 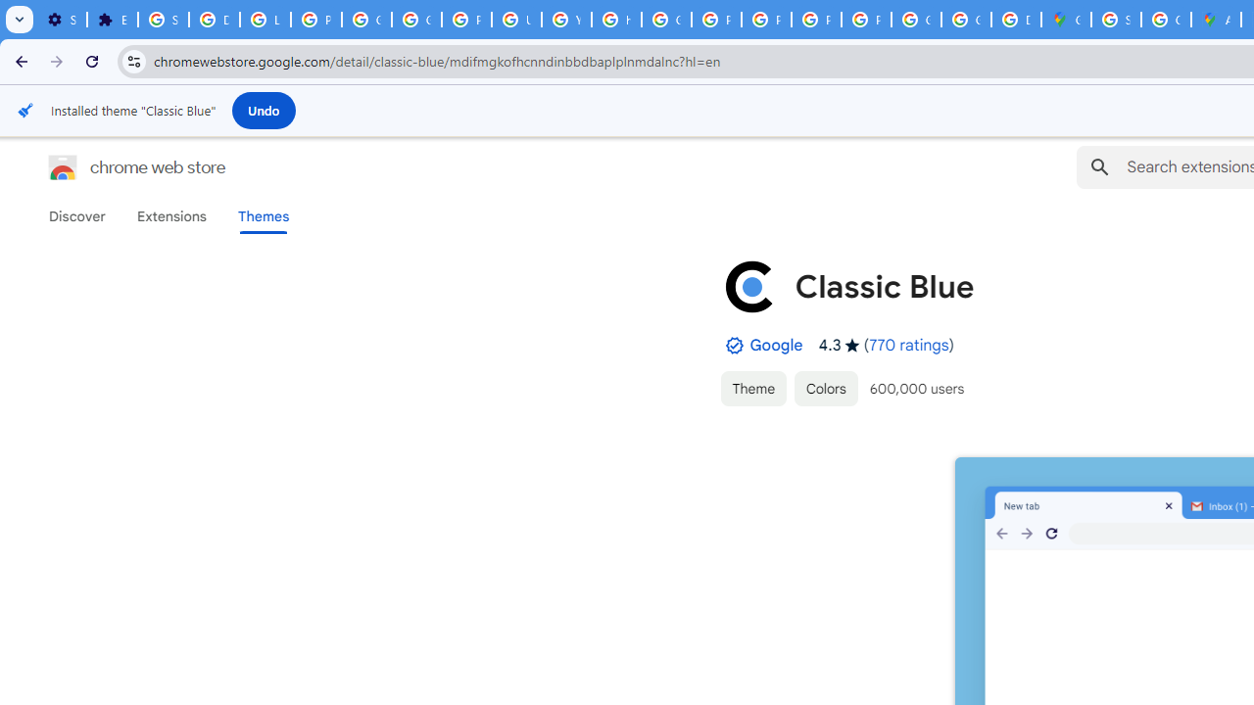 What do you see at coordinates (908, 344) in the screenshot?
I see `'770 ratings'` at bounding box center [908, 344].